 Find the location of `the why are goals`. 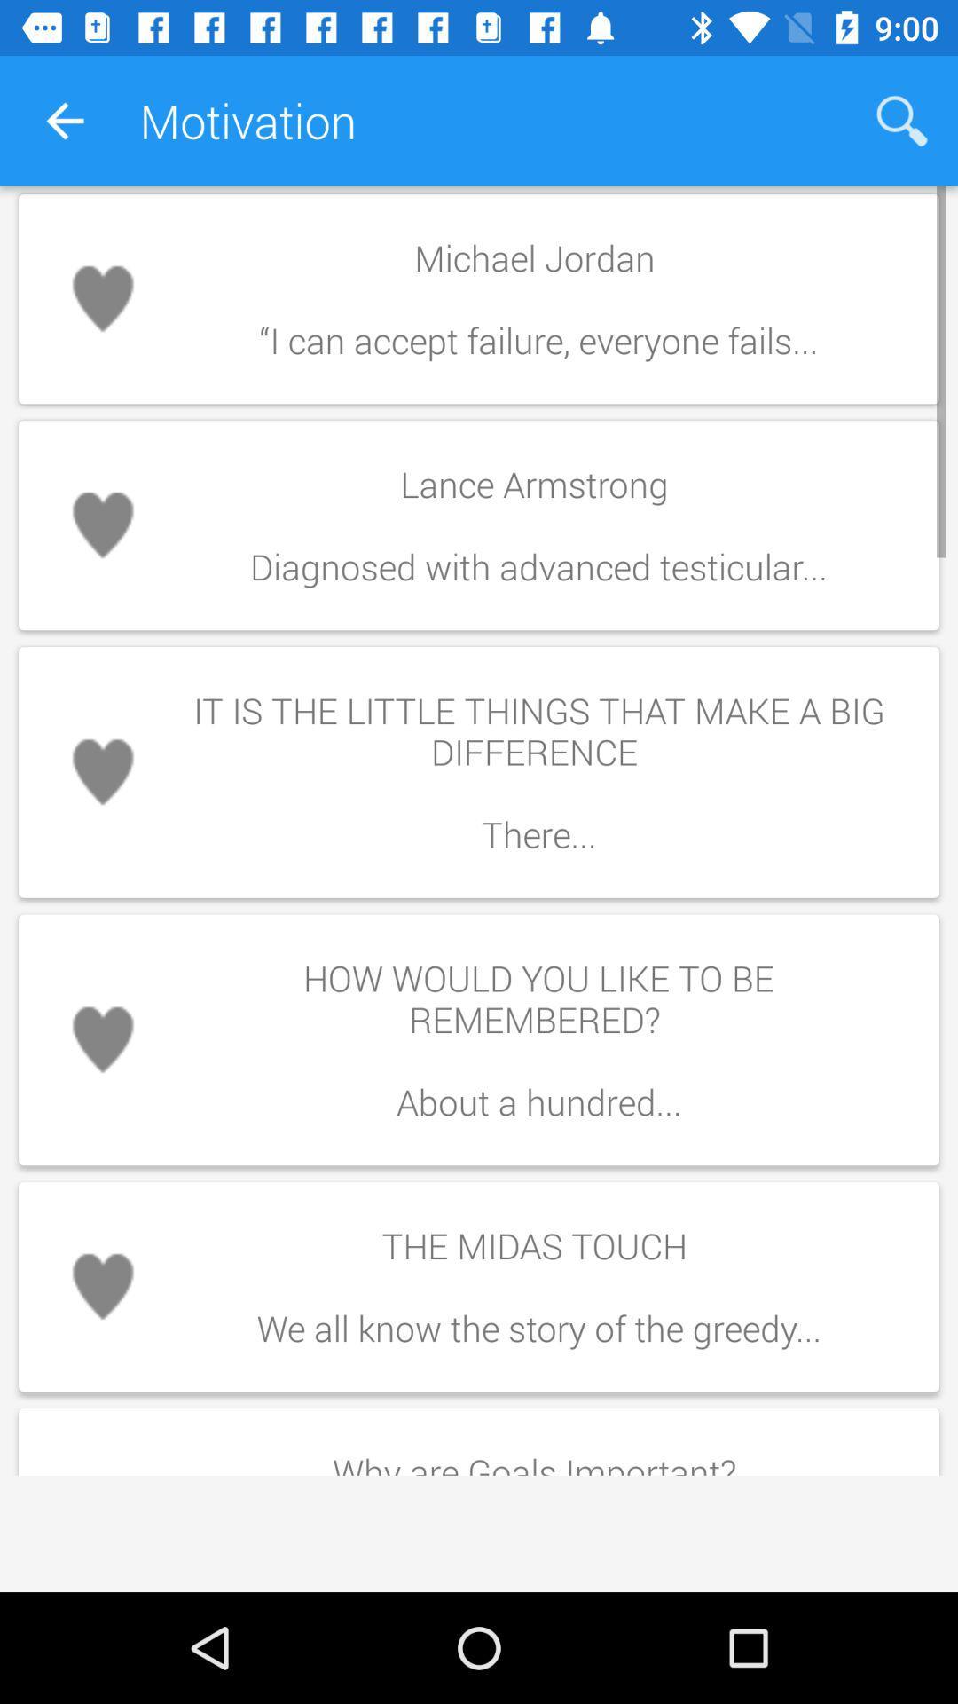

the why are goals is located at coordinates (538, 1455).